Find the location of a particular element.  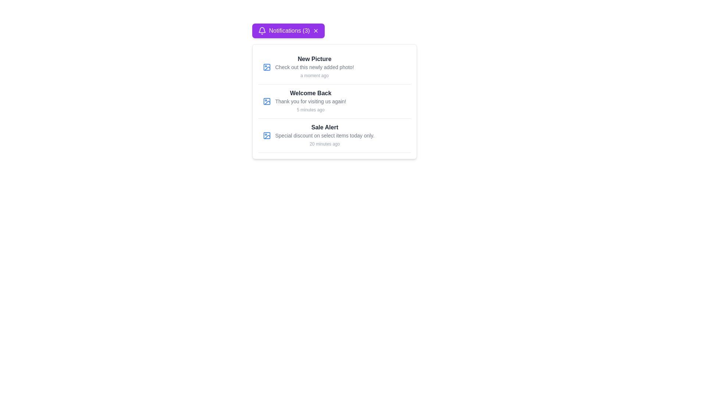

the bell-shaped notification icon located in the top-left section of the notification widget interface, next to the 'Notifications (3)' text is located at coordinates (262, 29).